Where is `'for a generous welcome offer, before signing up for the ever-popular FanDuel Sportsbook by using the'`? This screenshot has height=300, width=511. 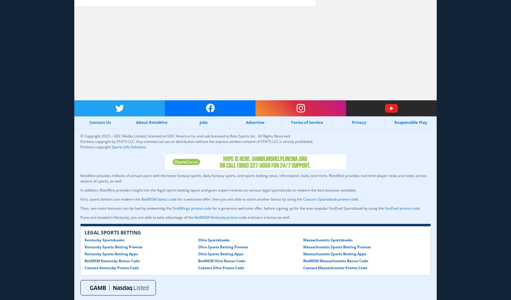 'for a generous welcome offer, before signing up for the ever-popular FanDuel Sportsbook by using the' is located at coordinates (298, 208).